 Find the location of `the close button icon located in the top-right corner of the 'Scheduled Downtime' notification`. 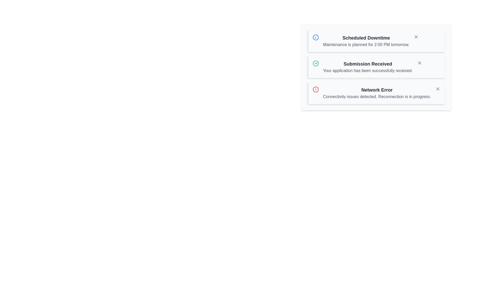

the close button icon located in the top-right corner of the 'Scheduled Downtime' notification is located at coordinates (416, 37).